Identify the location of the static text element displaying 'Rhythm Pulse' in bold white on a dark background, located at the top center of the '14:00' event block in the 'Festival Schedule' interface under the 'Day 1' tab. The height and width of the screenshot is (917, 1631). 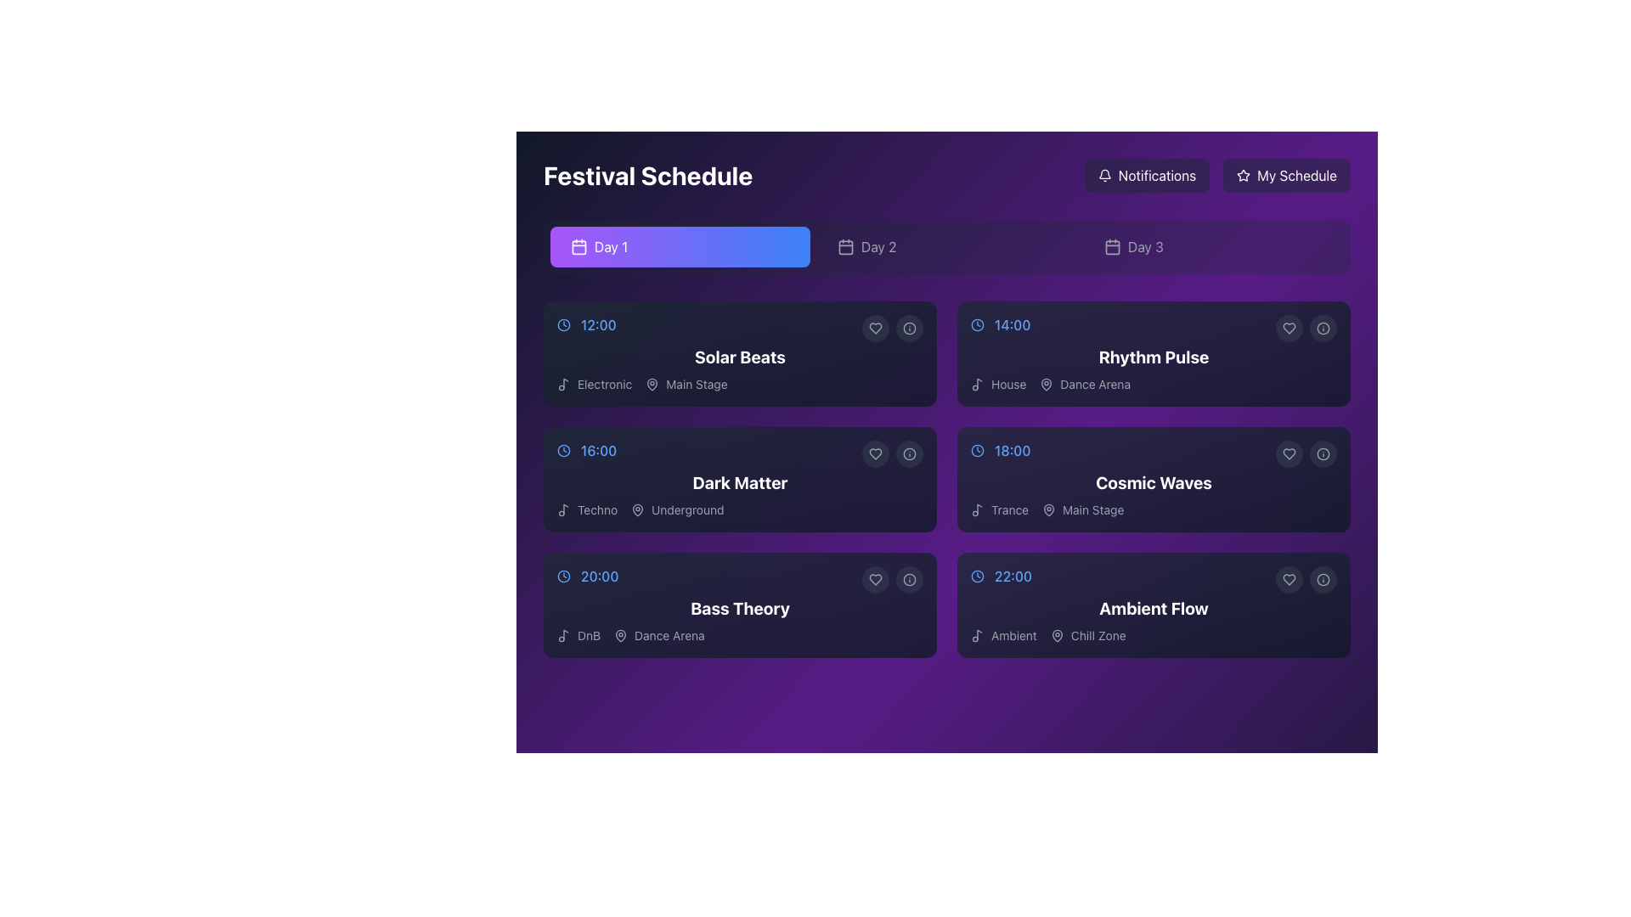
(1154, 356).